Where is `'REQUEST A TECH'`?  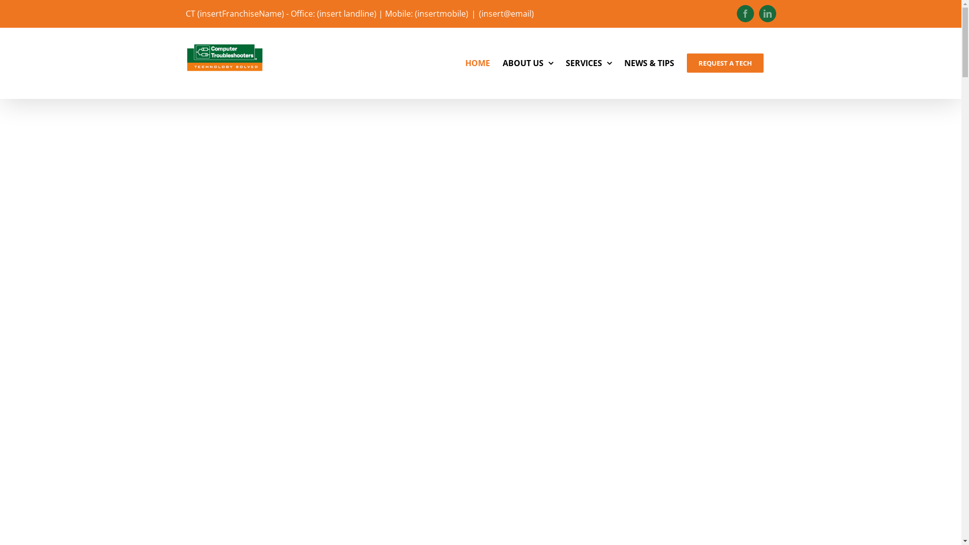
'REQUEST A TECH' is located at coordinates (724, 63).